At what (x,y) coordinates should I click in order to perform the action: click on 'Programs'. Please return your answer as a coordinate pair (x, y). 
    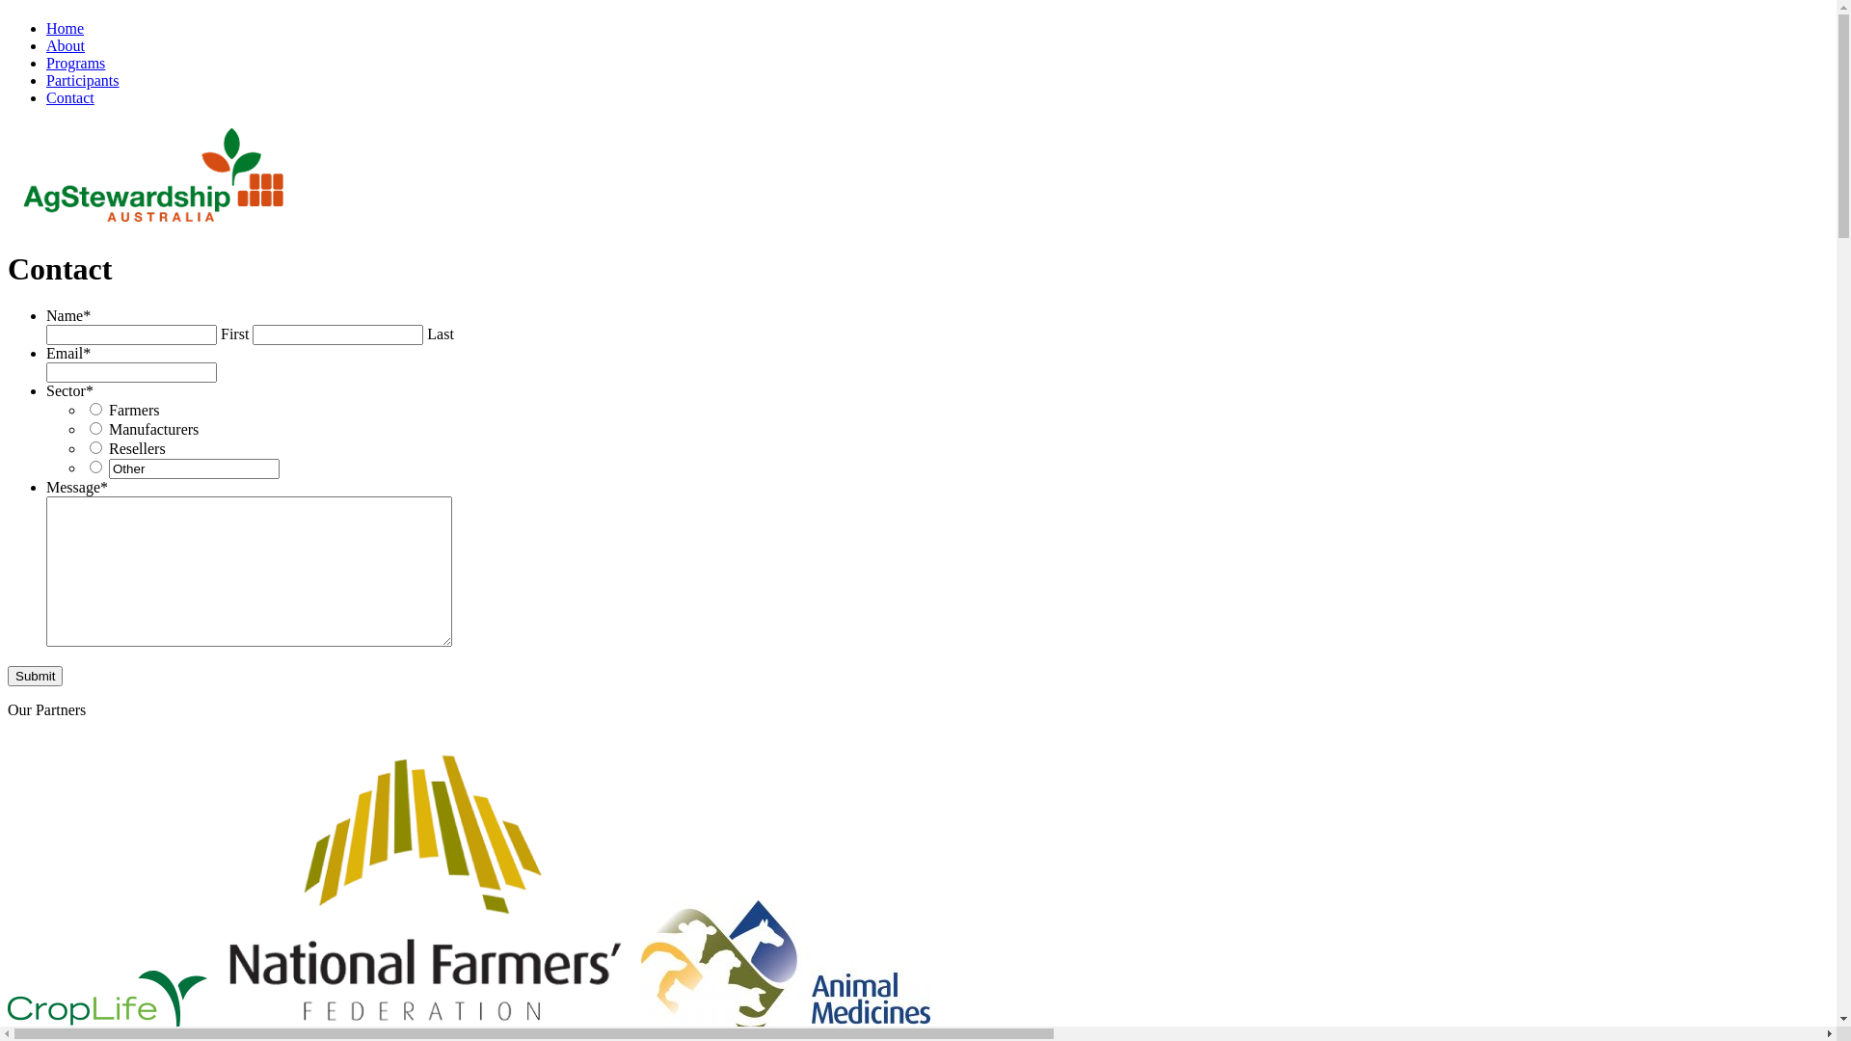
    Looking at the image, I should click on (75, 62).